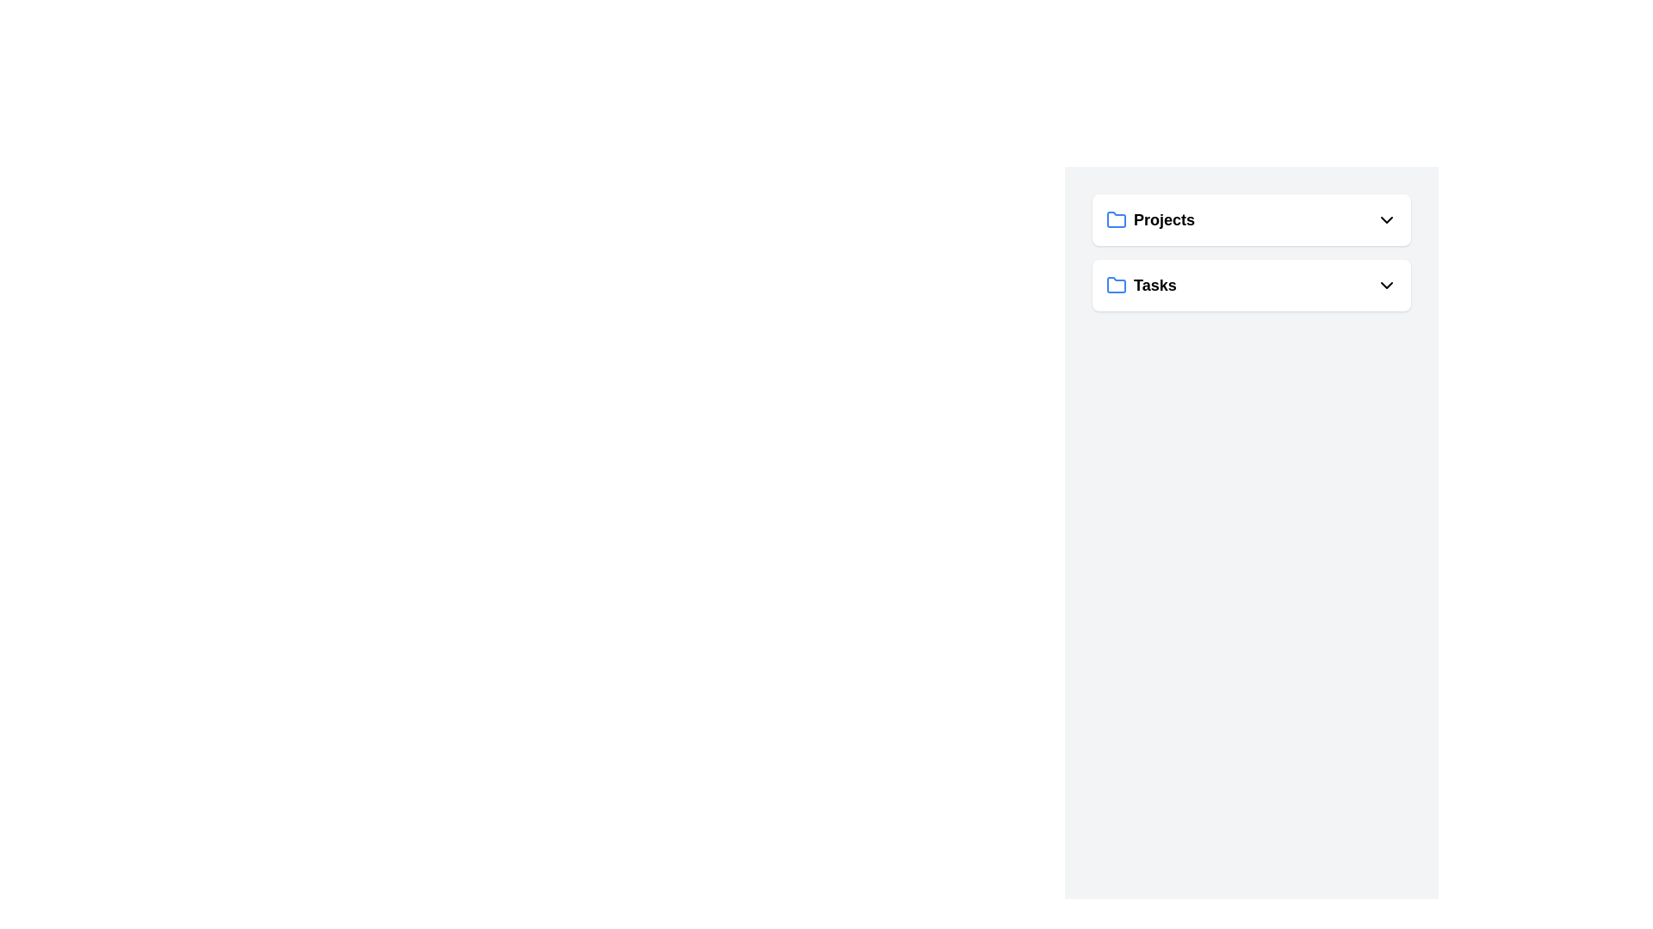 Image resolution: width=1653 pixels, height=929 pixels. I want to click on the text label displaying 'Projects', which is styled prominently and located to the right of a blue folder icon, so click(1164, 218).